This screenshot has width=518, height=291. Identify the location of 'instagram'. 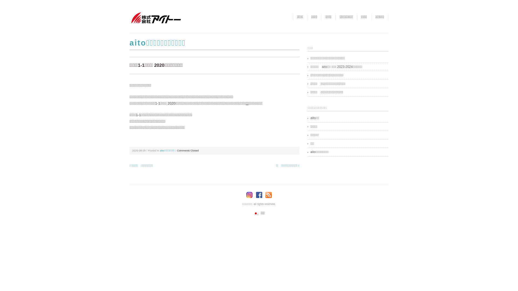
(250, 195).